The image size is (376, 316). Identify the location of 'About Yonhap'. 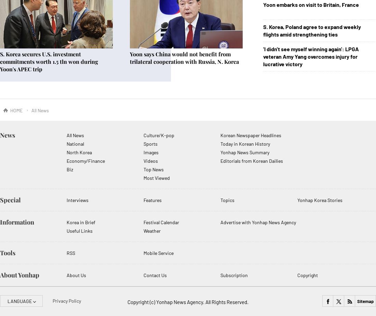
(0, 275).